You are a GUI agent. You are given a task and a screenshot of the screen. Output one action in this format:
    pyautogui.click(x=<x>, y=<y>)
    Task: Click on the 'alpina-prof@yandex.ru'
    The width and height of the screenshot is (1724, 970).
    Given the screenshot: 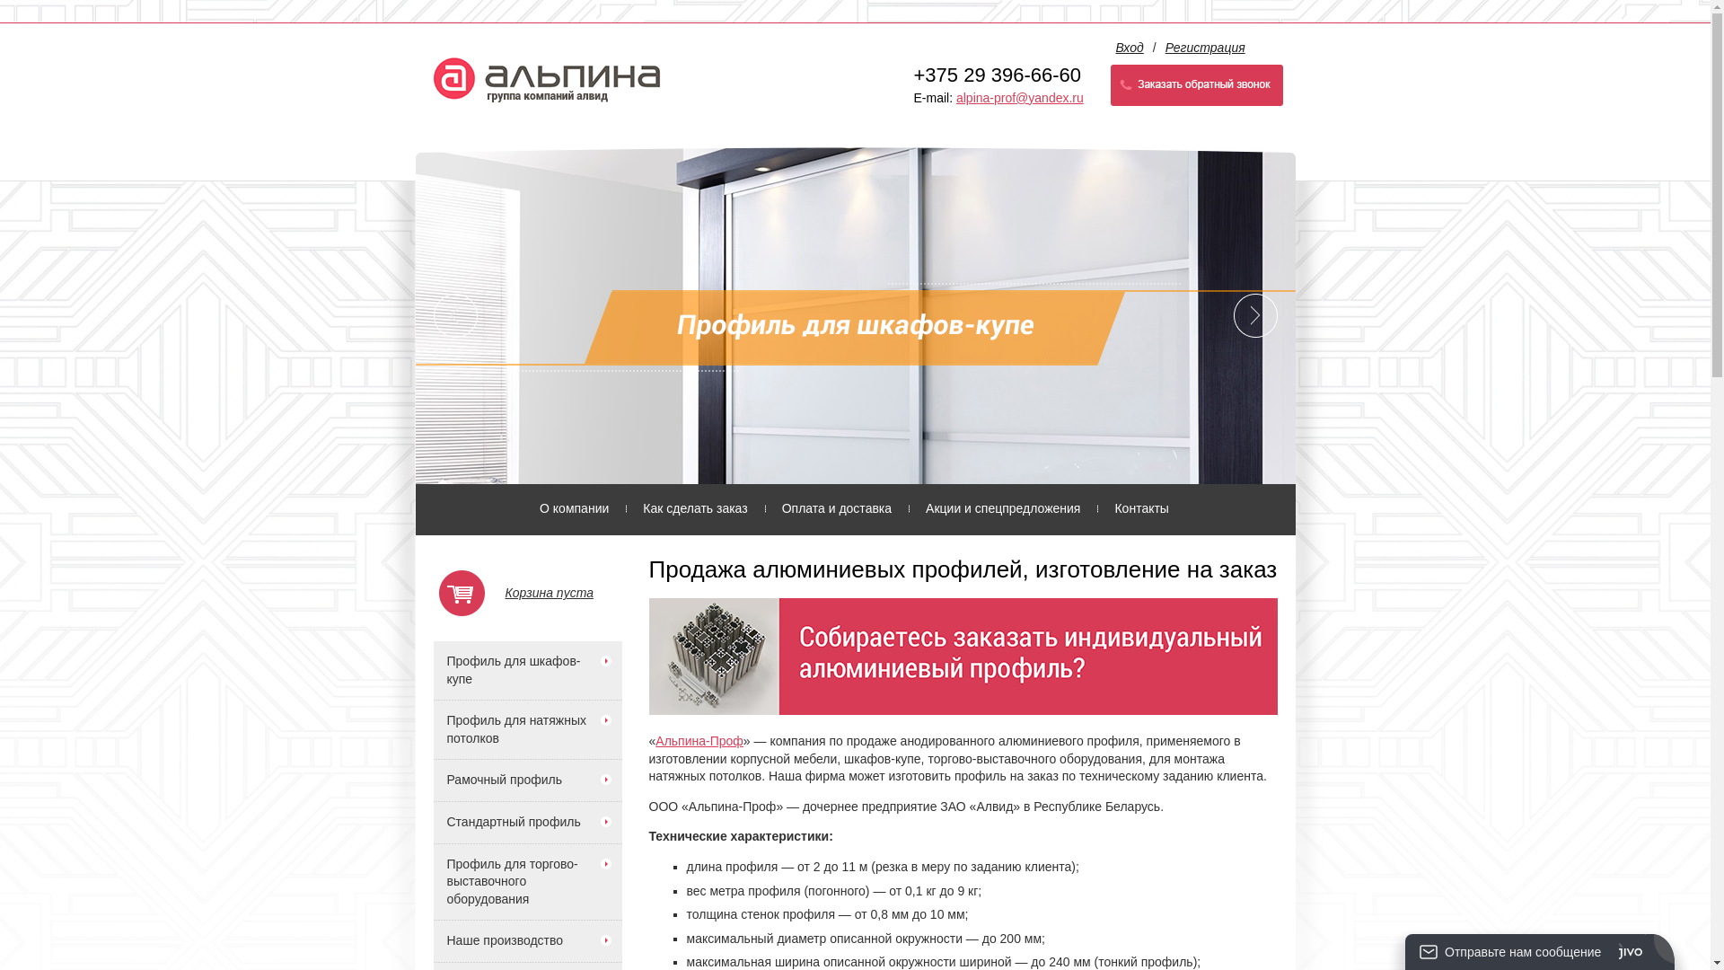 What is the action you would take?
    pyautogui.click(x=1020, y=97)
    